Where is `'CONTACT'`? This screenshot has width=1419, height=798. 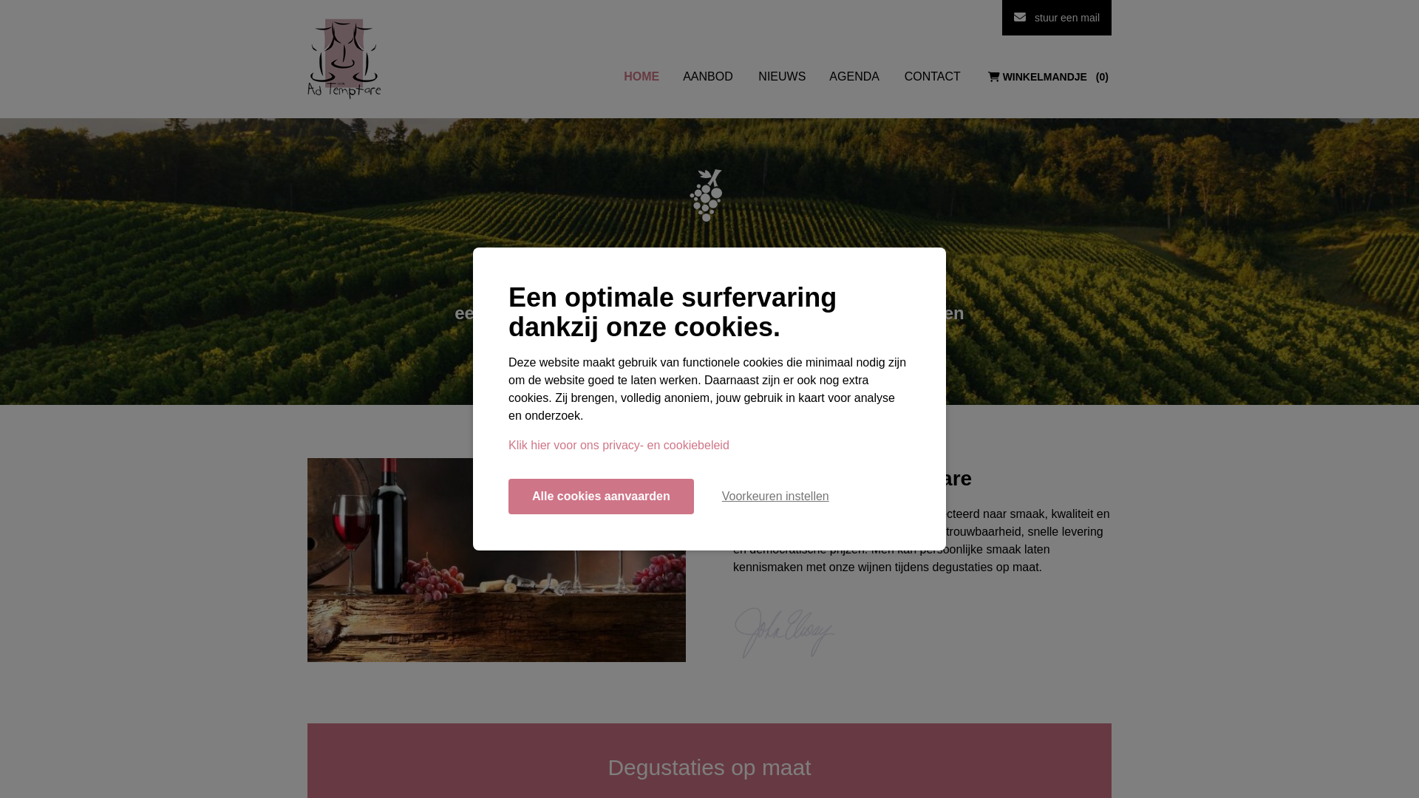 'CONTACT' is located at coordinates (904, 77).